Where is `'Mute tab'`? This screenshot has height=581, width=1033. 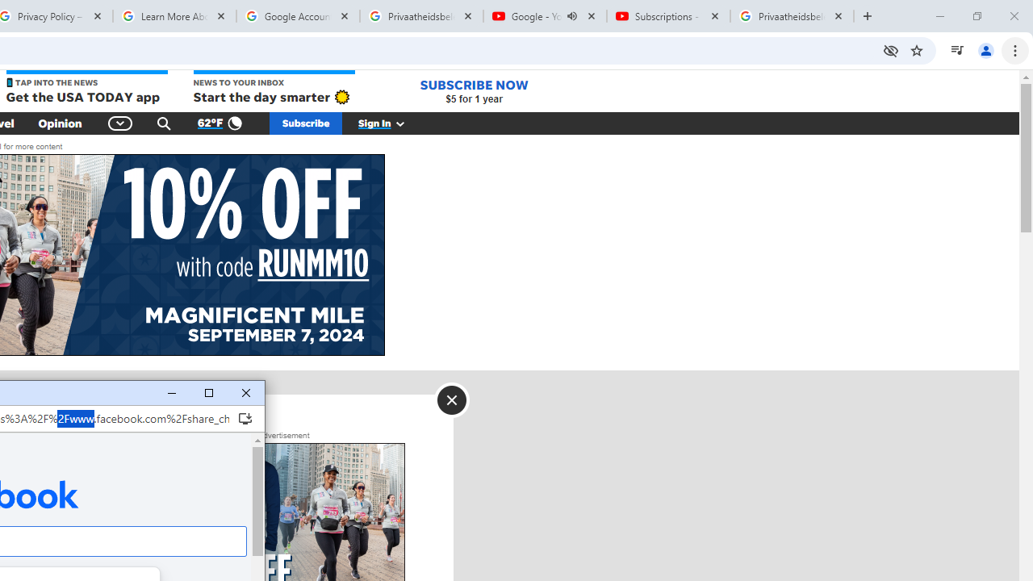
'Mute tab' is located at coordinates (572, 16).